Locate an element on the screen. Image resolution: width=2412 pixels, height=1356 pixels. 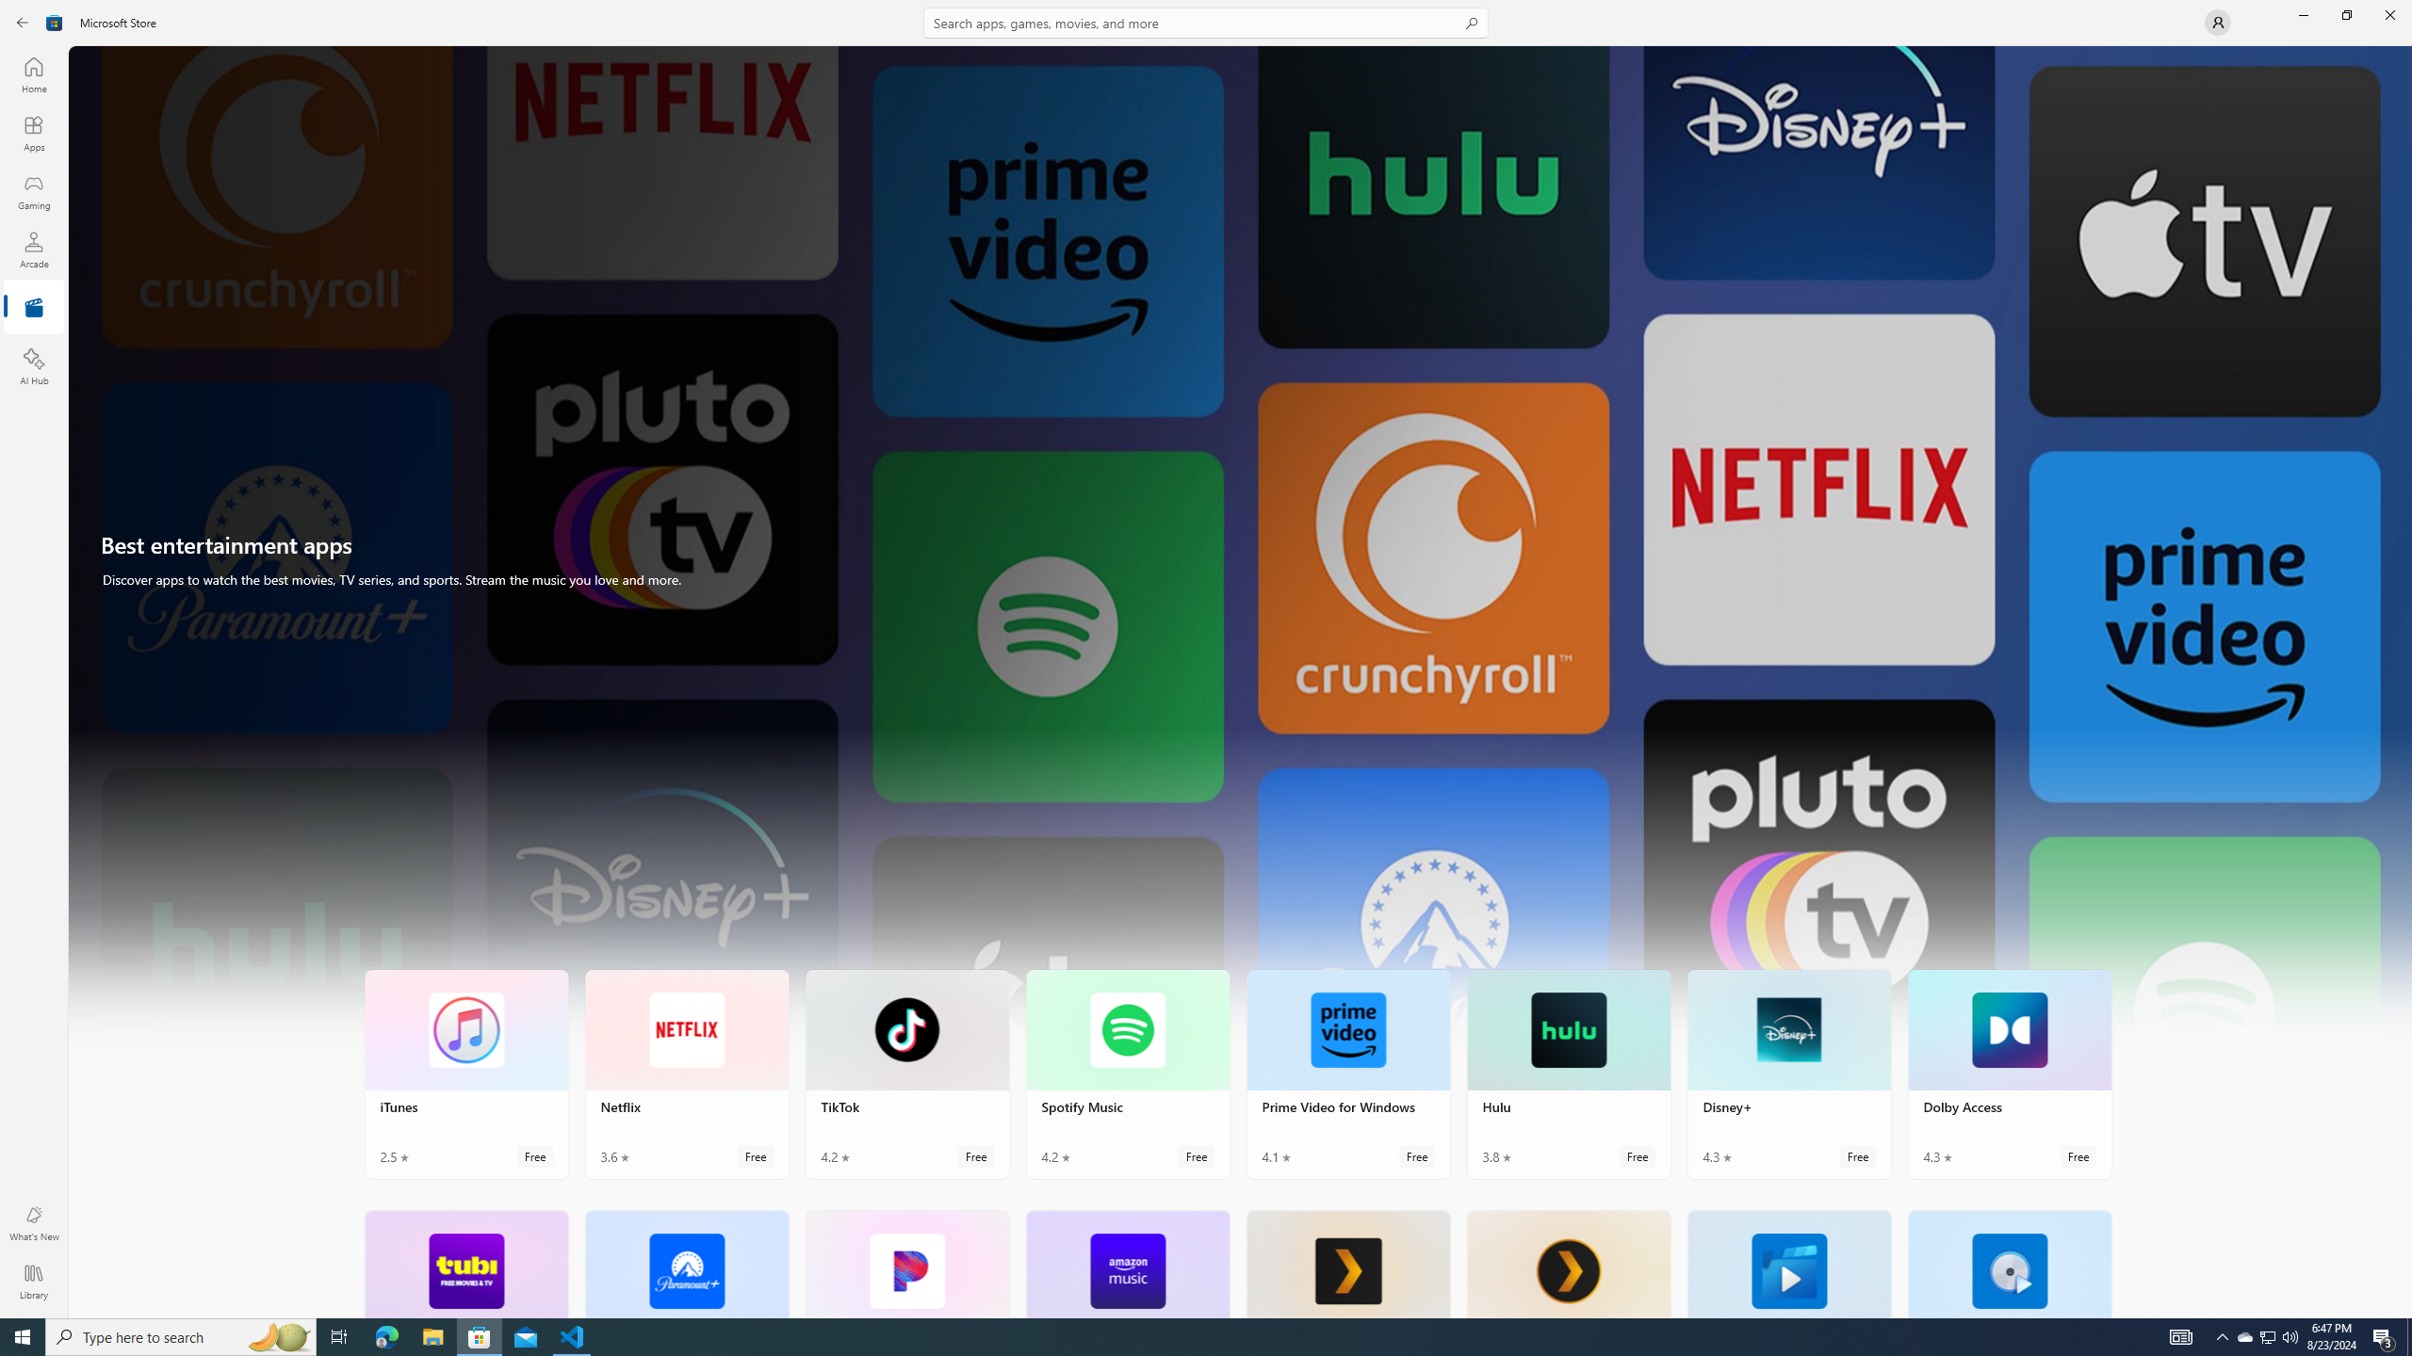
'Hulu. Average rating of 3.8 out of five stars. Free  ' is located at coordinates (1568, 1074).